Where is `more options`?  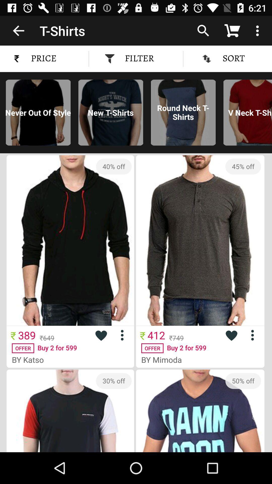 more options is located at coordinates (124, 335).